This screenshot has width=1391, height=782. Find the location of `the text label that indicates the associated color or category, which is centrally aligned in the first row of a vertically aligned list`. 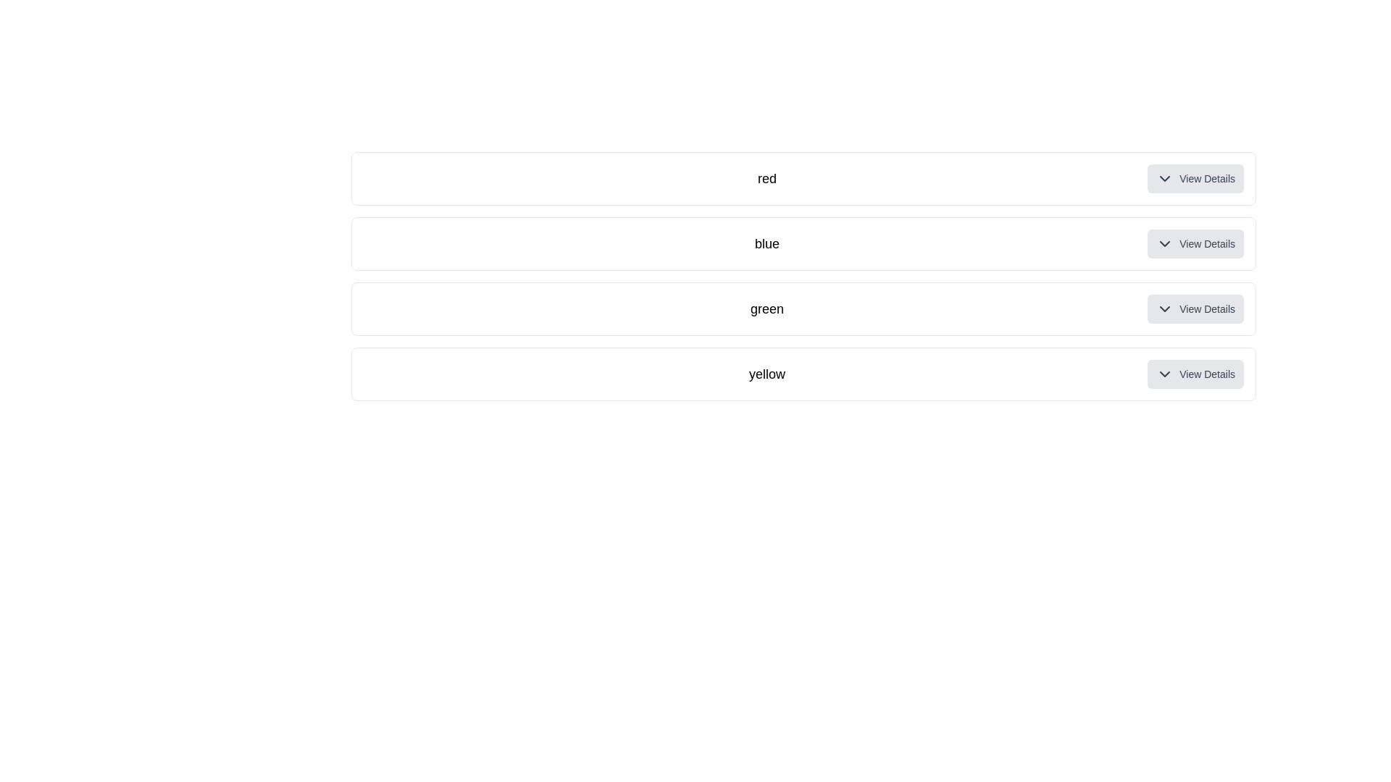

the text label that indicates the associated color or category, which is centrally aligned in the first row of a vertically aligned list is located at coordinates (766, 177).